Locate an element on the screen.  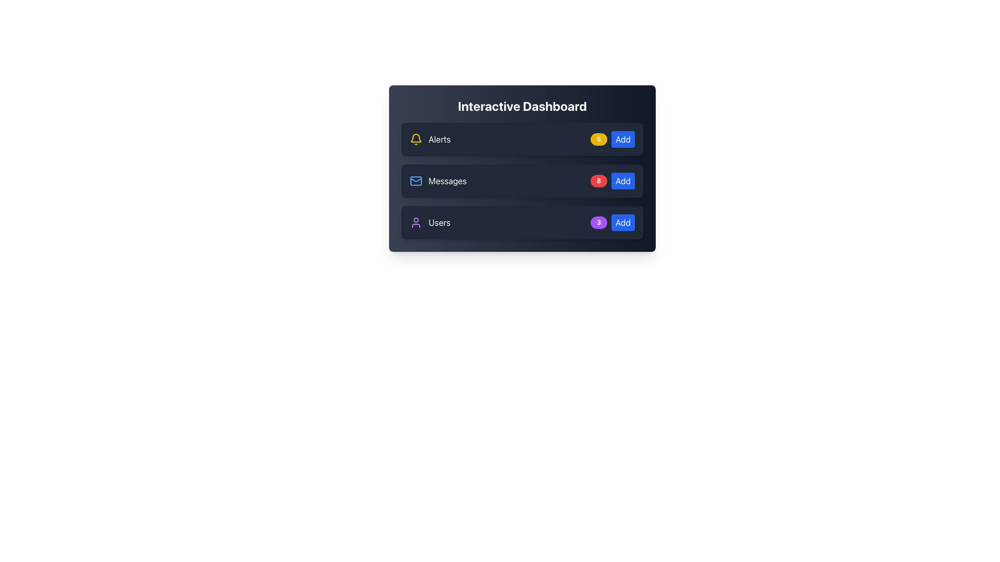
the 'Add' button in the button group next to the 'Users' title, which features a purple badge displaying '3' is located at coordinates (612, 222).